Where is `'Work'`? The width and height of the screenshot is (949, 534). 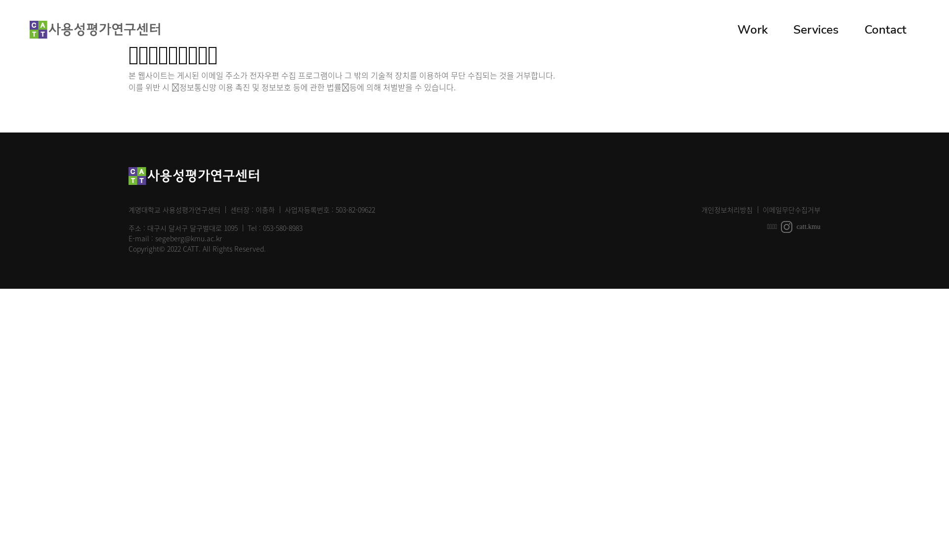
'Work' is located at coordinates (752, 29).